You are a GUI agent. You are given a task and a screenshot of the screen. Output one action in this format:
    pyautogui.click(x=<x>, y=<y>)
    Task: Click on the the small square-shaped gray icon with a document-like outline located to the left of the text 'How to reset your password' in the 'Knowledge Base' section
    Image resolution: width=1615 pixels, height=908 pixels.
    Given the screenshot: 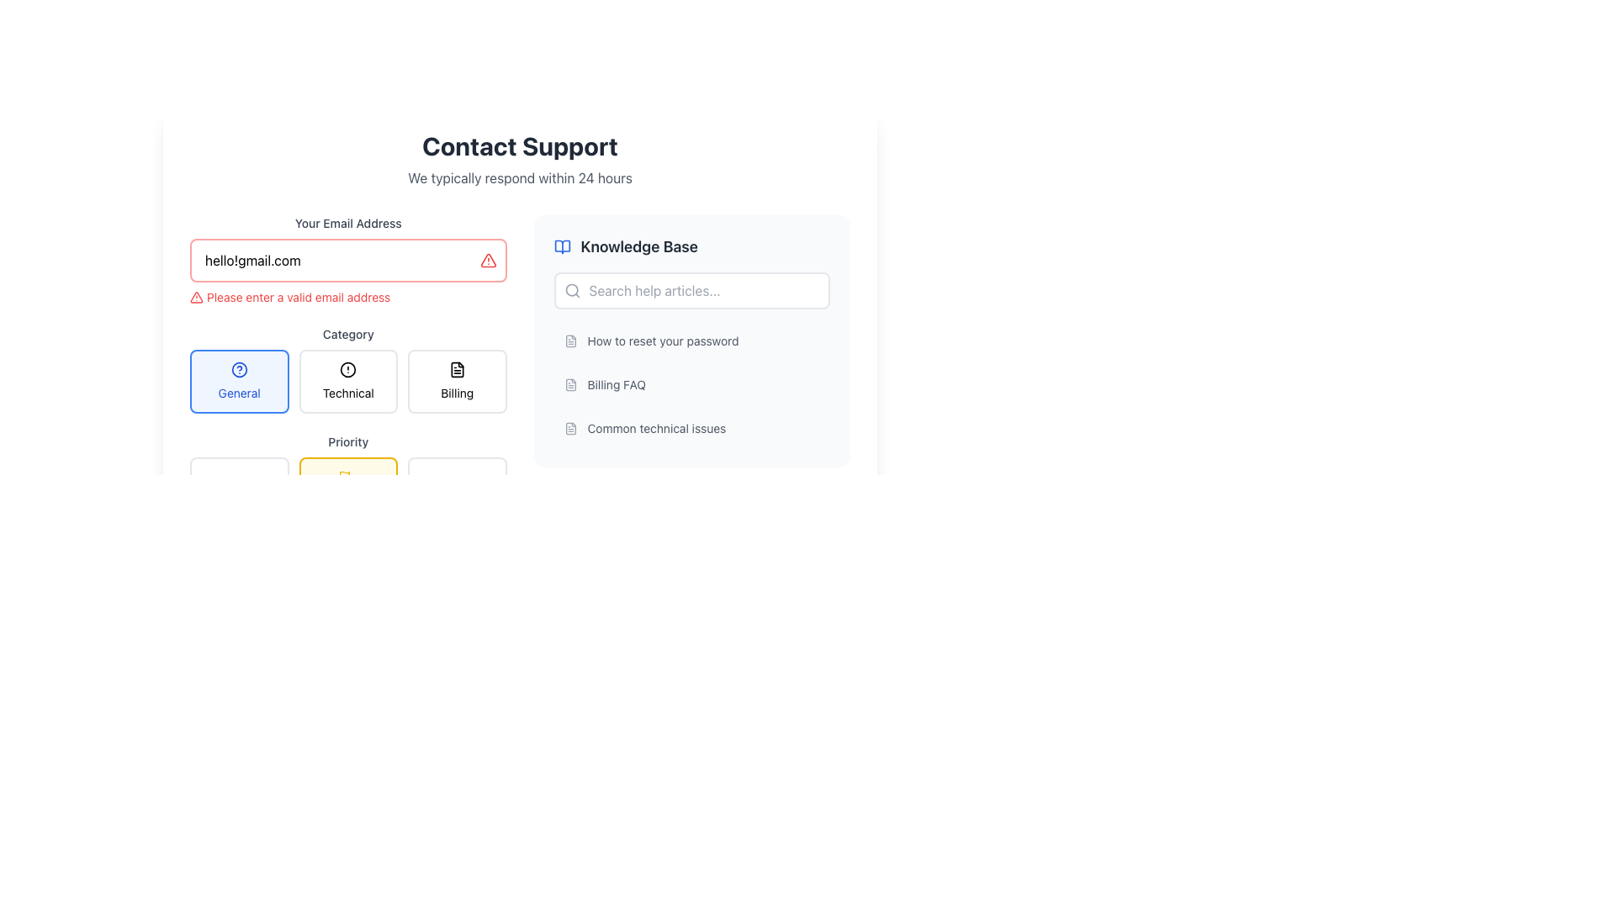 What is the action you would take?
    pyautogui.click(x=570, y=340)
    